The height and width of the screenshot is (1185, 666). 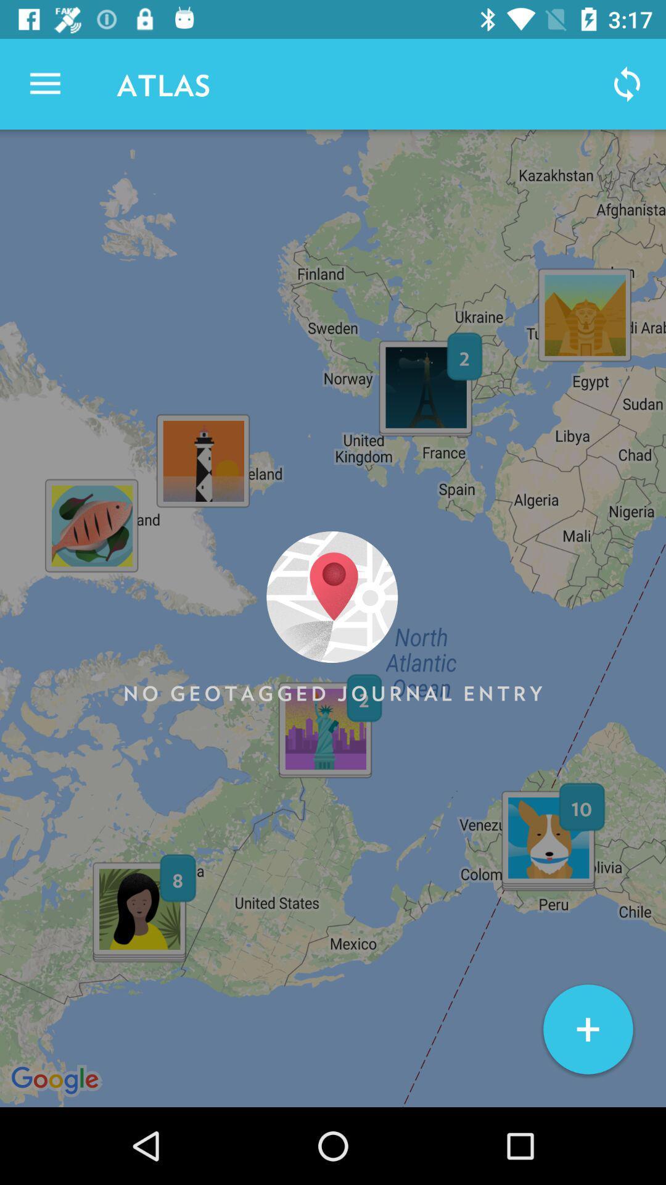 What do you see at coordinates (627, 83) in the screenshot?
I see `icon next to atlas` at bounding box center [627, 83].